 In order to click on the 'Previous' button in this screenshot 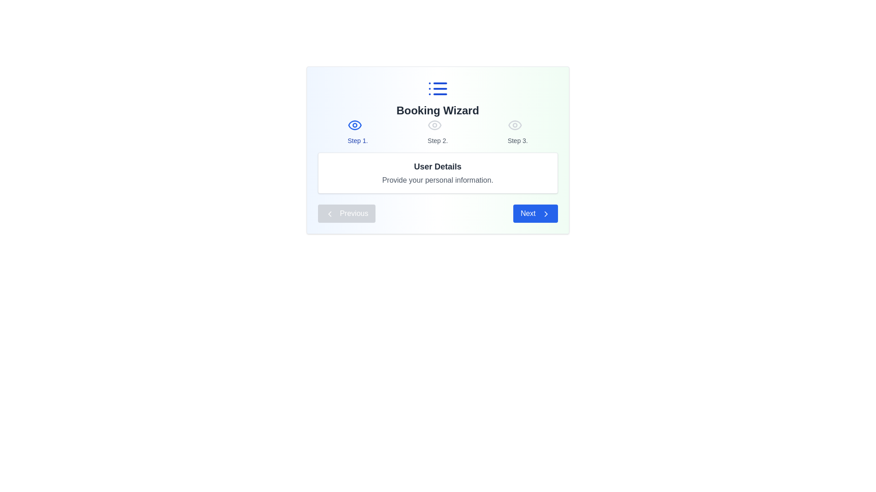, I will do `click(346, 214)`.